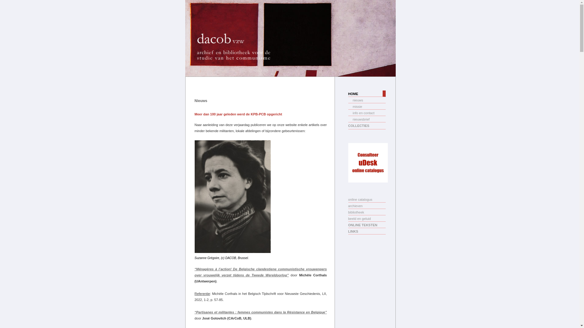 The width and height of the screenshot is (584, 328). What do you see at coordinates (366, 205) in the screenshot?
I see `'archieven'` at bounding box center [366, 205].